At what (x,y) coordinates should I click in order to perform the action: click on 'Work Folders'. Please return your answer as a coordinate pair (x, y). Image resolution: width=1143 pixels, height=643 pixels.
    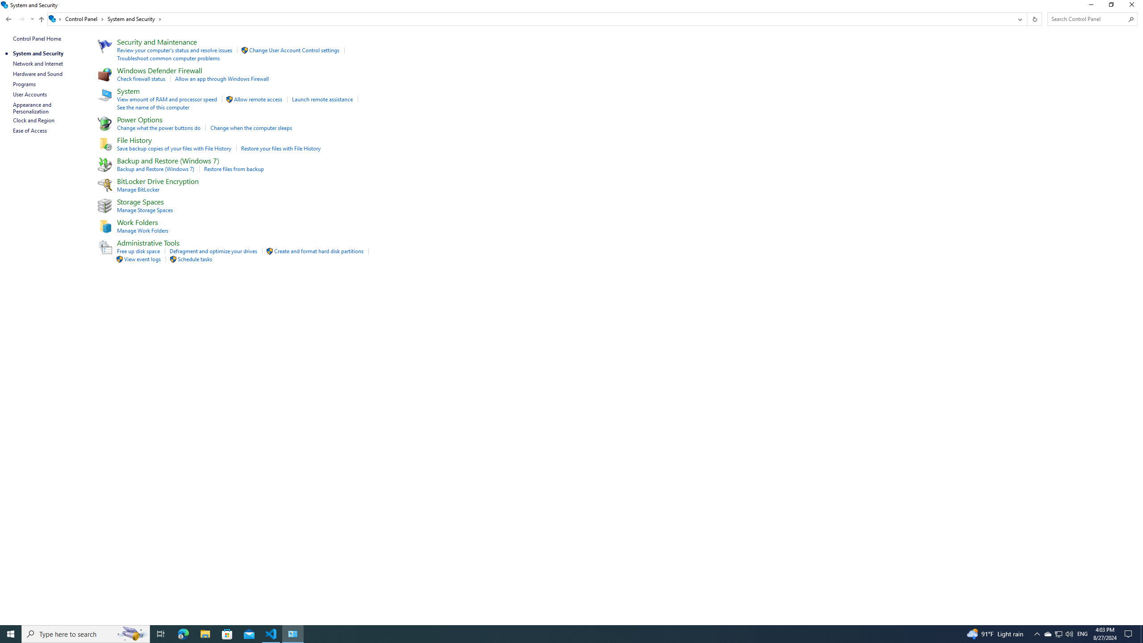
    Looking at the image, I should click on (137, 222).